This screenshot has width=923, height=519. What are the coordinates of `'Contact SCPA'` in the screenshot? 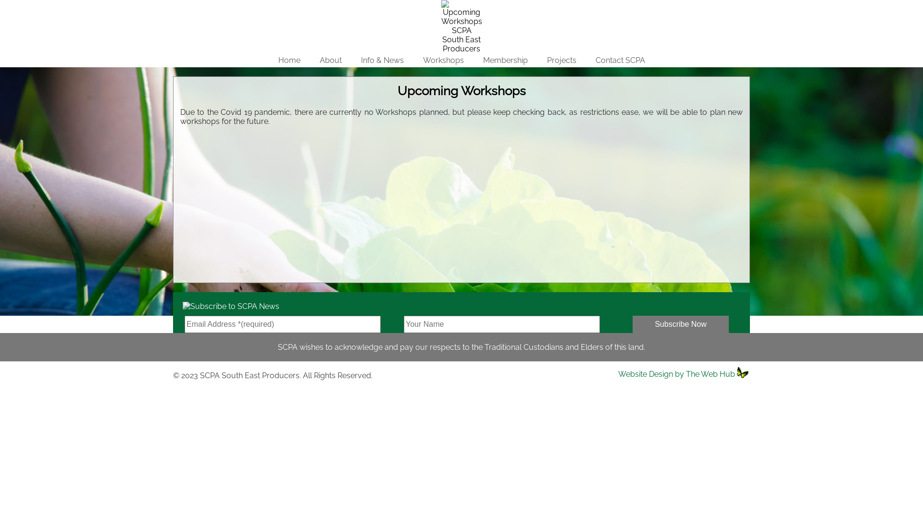 It's located at (620, 60).